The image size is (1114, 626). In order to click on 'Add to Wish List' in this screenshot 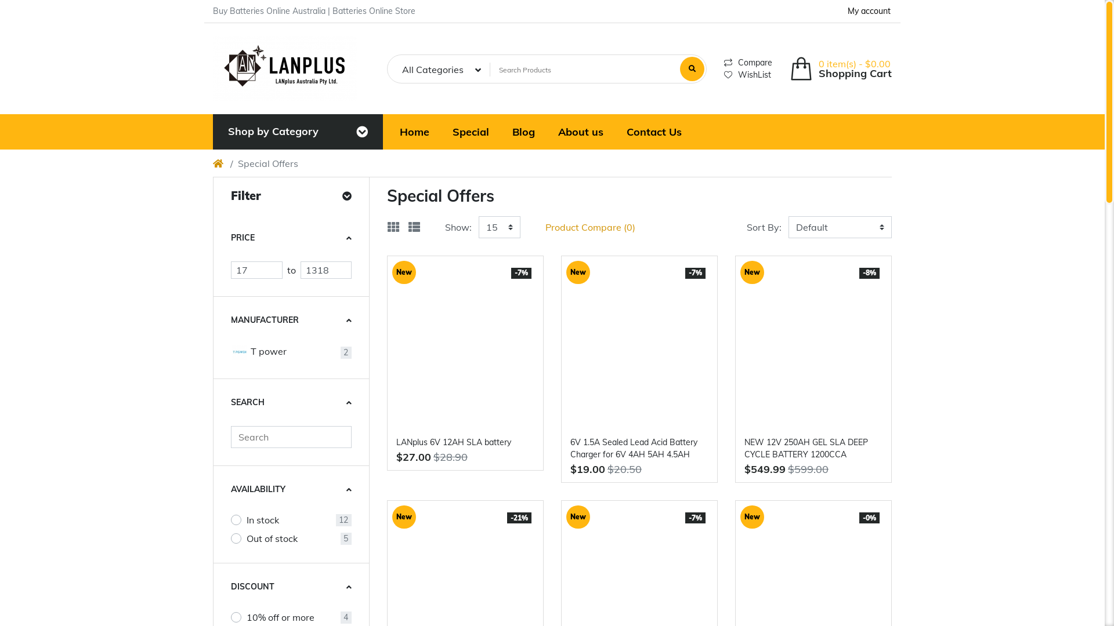, I will do `click(614, 245)`.